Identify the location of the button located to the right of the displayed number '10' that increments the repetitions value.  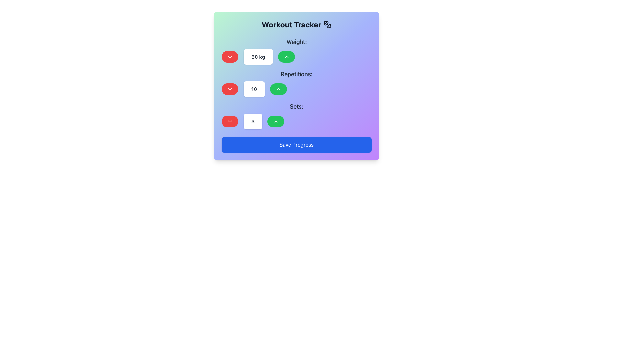
(278, 89).